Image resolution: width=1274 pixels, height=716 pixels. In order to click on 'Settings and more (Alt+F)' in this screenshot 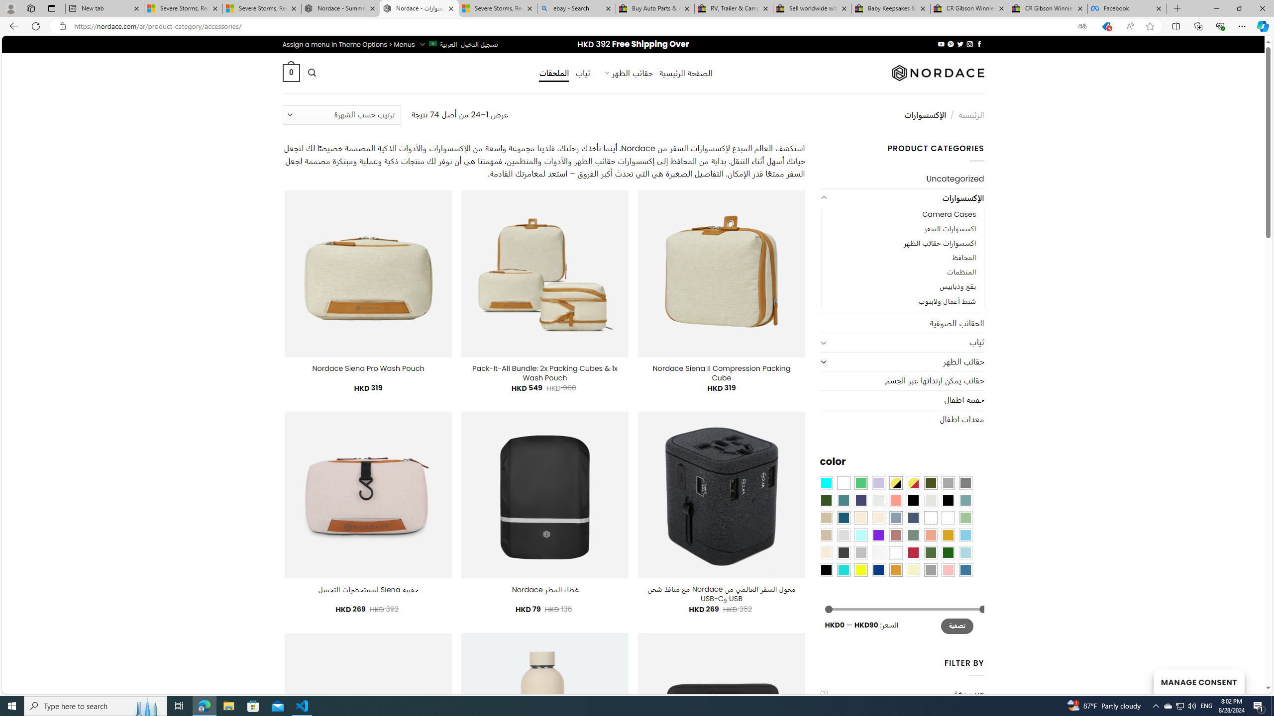, I will do `click(1242, 25)`.